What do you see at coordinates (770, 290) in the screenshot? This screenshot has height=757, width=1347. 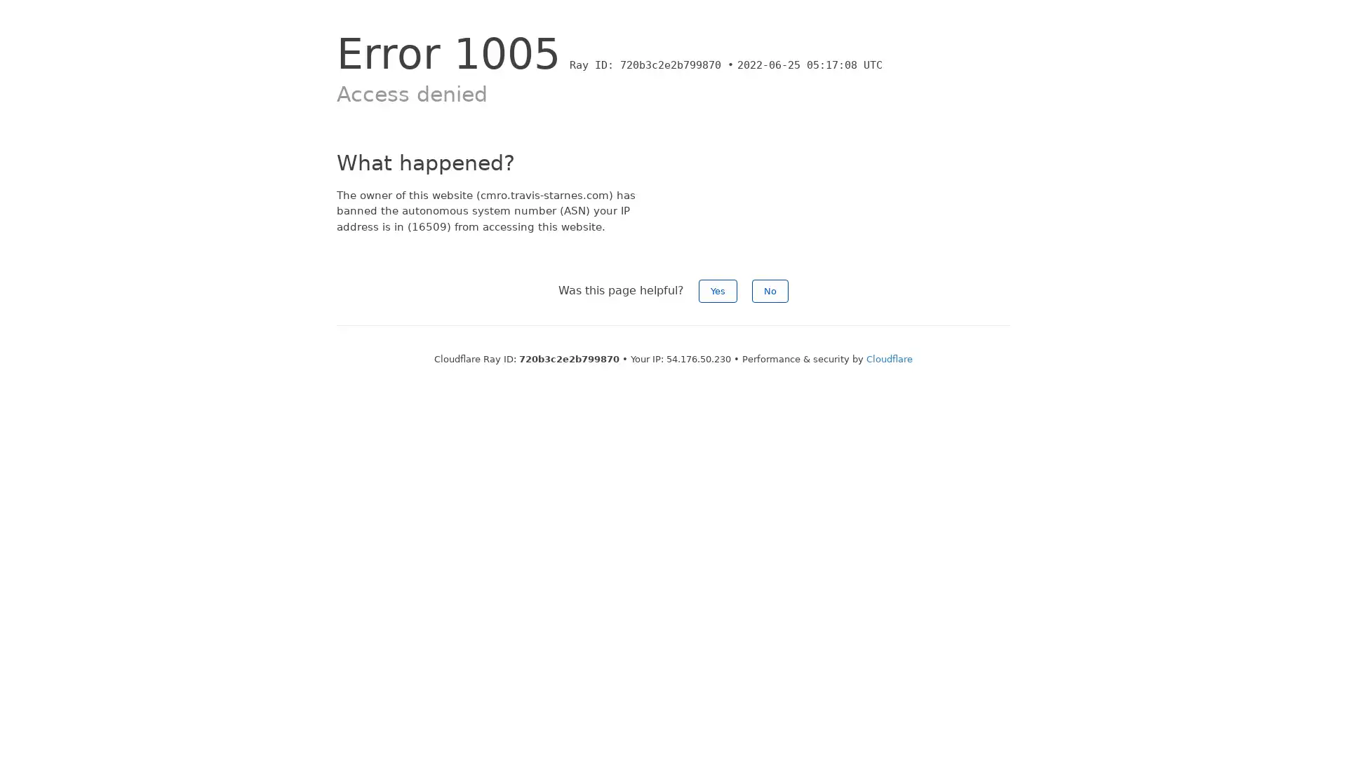 I see `No` at bounding box center [770, 290].